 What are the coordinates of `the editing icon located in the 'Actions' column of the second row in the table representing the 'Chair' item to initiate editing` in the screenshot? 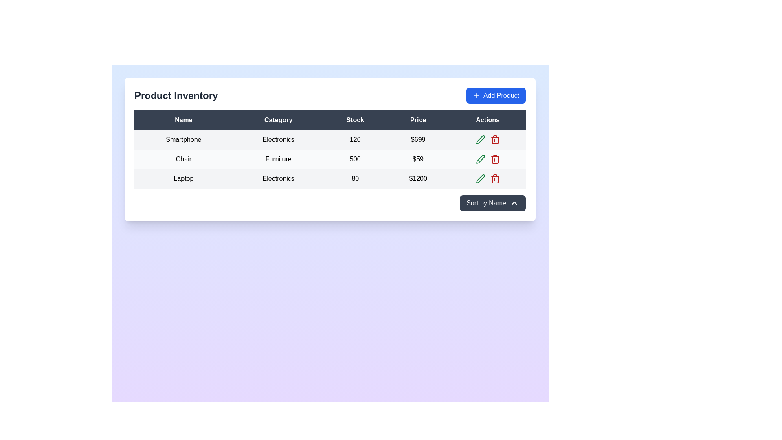 It's located at (480, 159).